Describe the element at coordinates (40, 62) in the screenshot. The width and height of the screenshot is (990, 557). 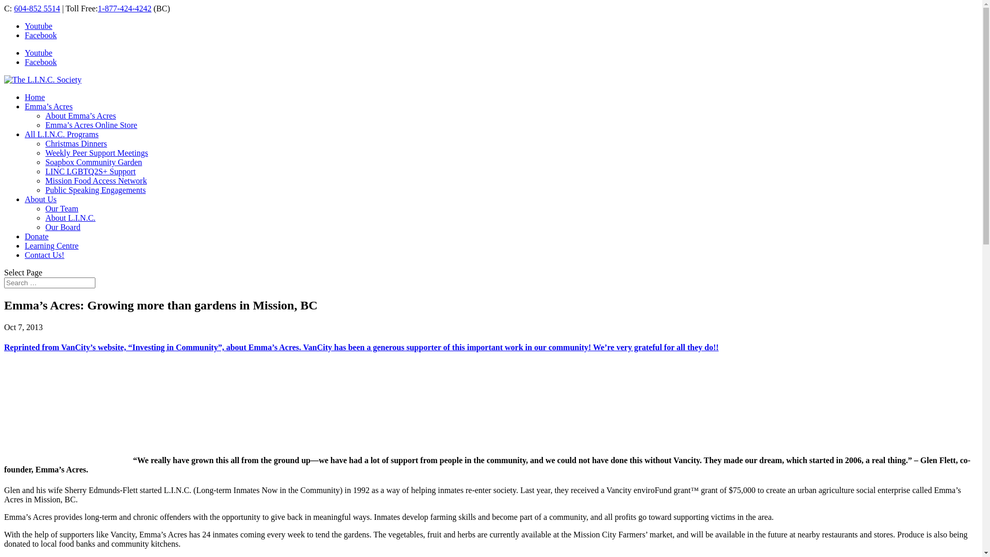
I see `'Facebook'` at that location.